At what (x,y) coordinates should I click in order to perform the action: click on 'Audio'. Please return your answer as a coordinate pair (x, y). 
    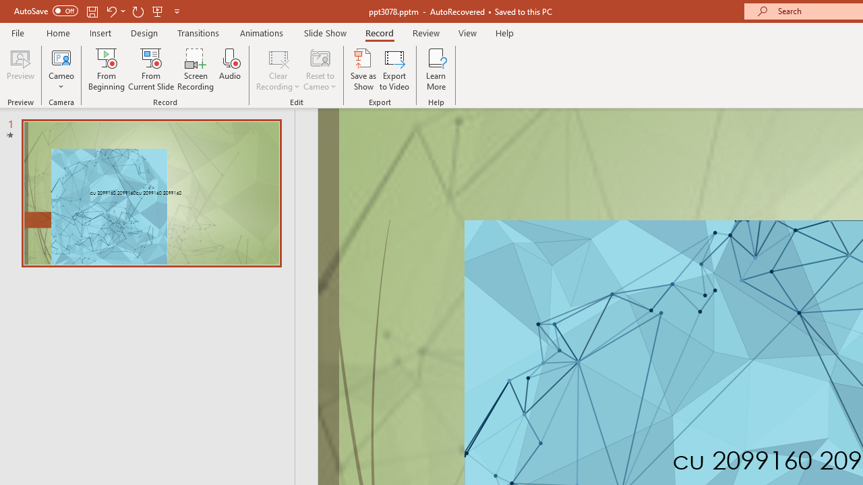
    Looking at the image, I should click on (230, 69).